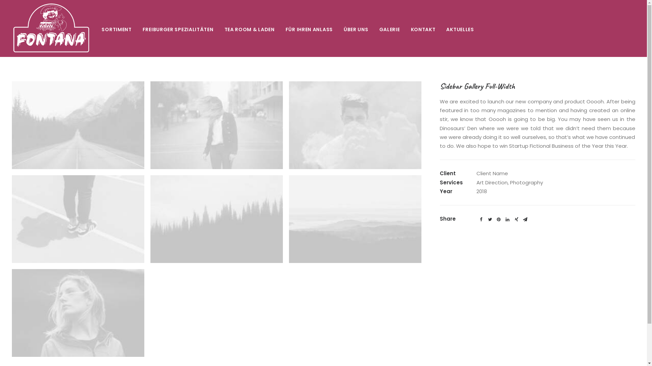 The image size is (652, 366). Describe the element at coordinates (390, 28) in the screenshot. I see `'GALERIE'` at that location.